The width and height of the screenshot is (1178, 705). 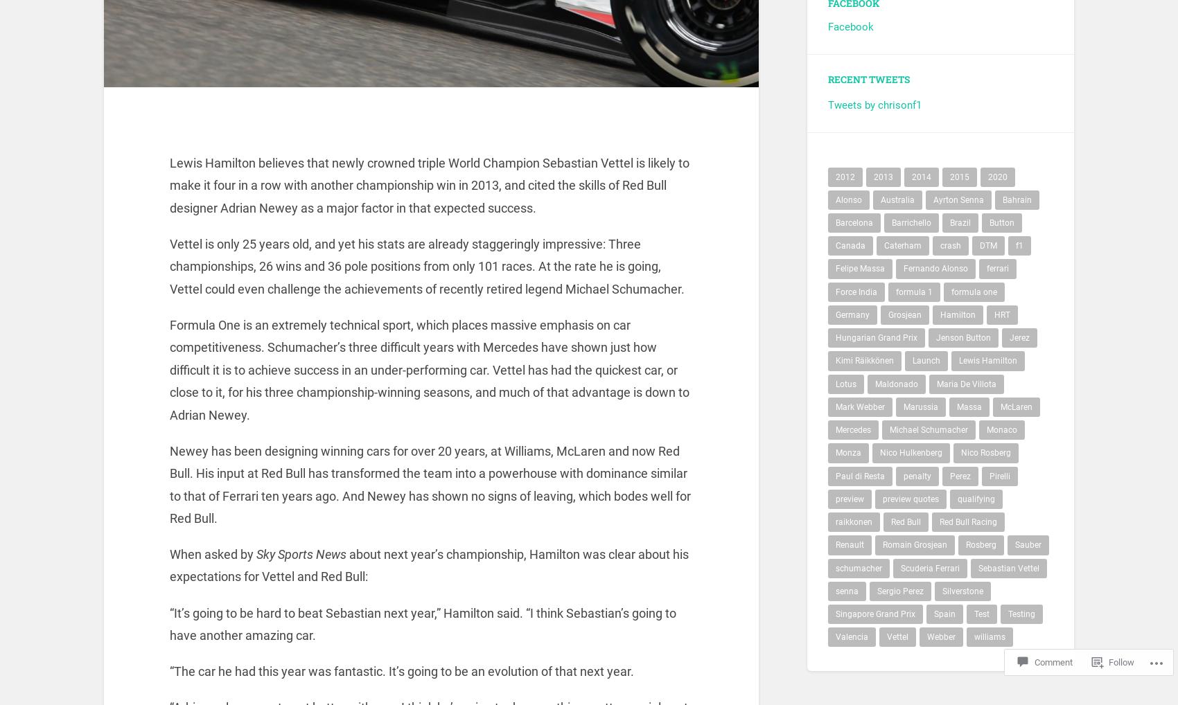 What do you see at coordinates (987, 368) in the screenshot?
I see `'Lewis Hamilton'` at bounding box center [987, 368].